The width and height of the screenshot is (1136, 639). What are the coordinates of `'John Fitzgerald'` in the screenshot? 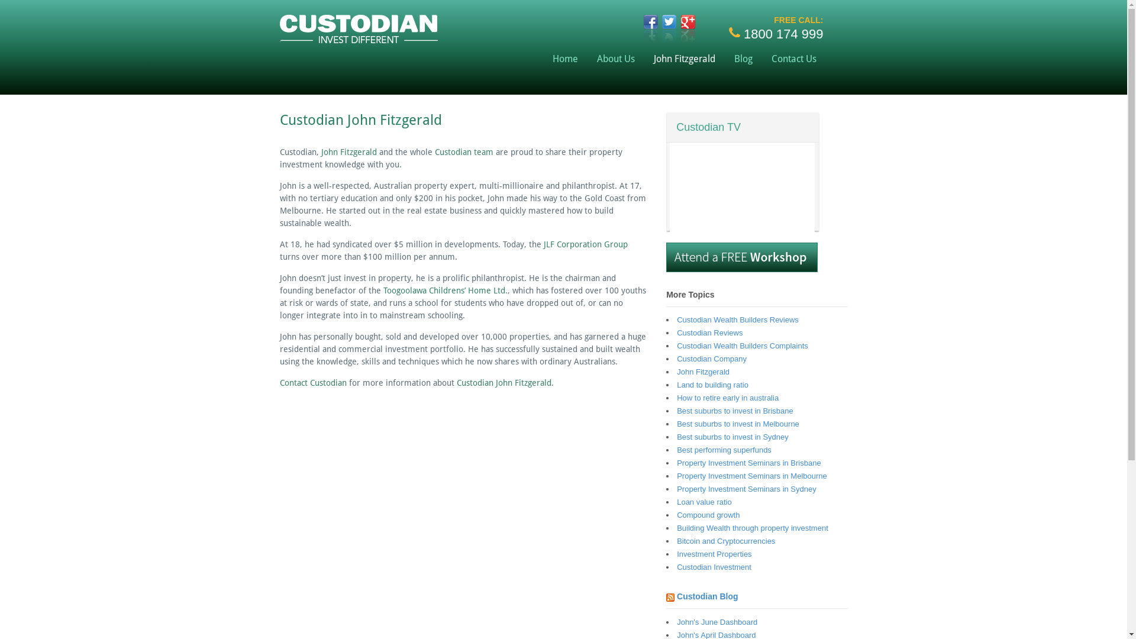 It's located at (348, 151).